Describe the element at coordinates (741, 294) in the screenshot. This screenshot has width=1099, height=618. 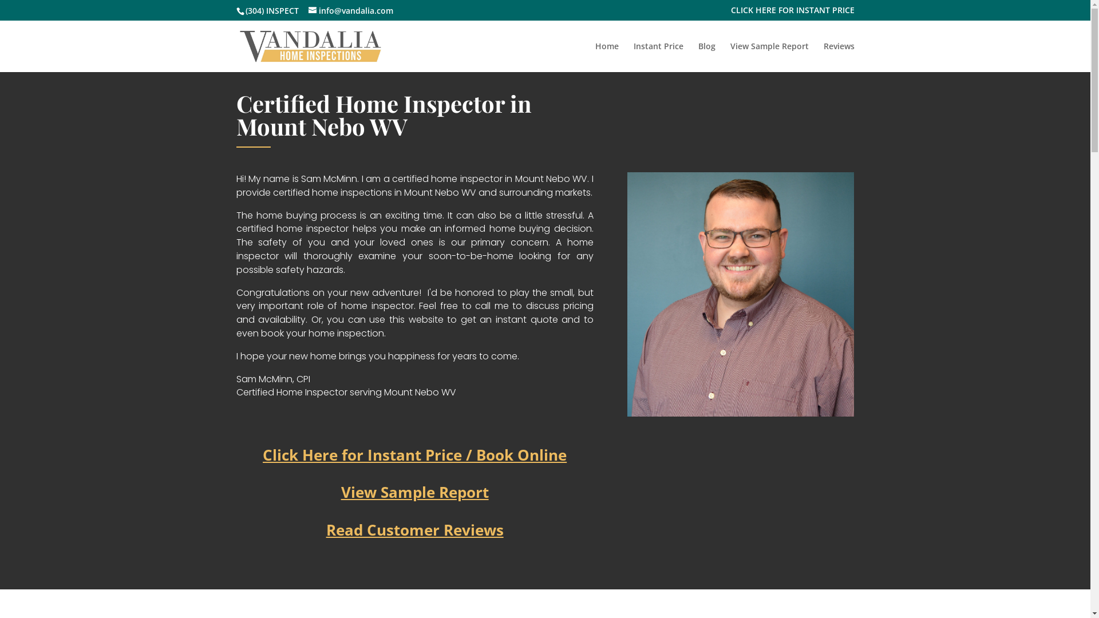
I see `'sam'` at that location.